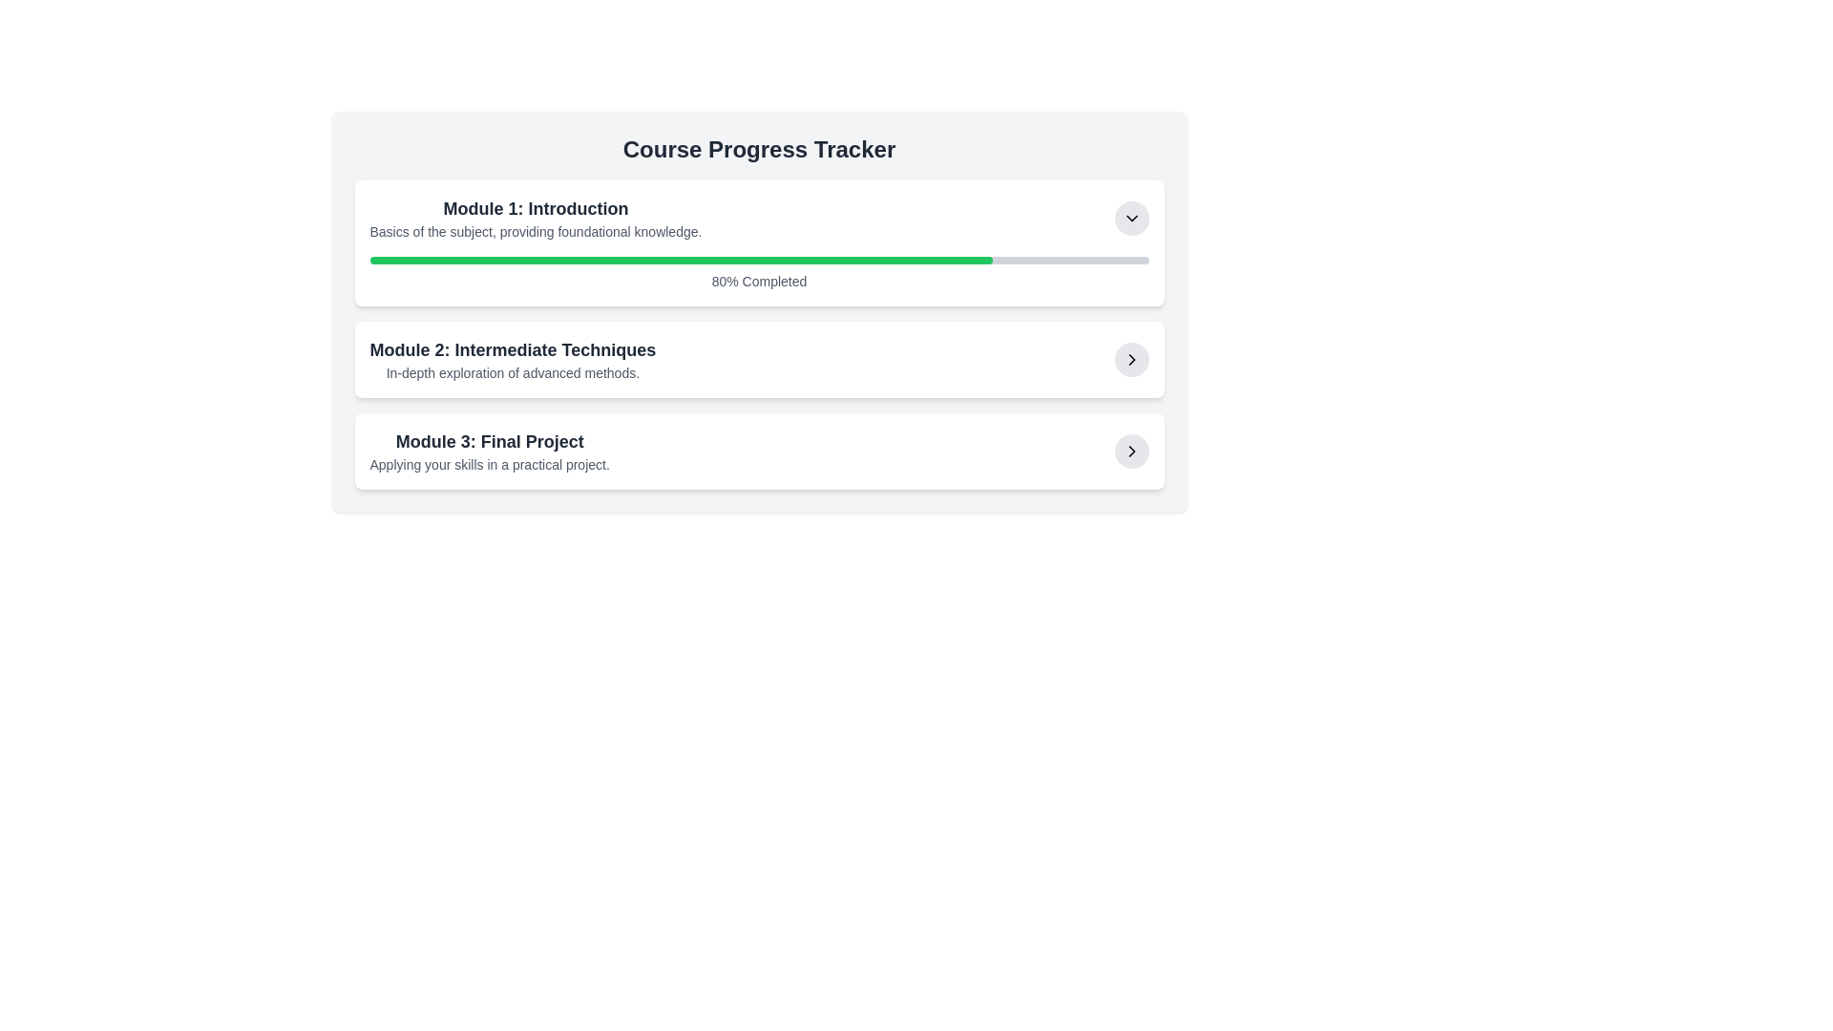 The height and width of the screenshot is (1031, 1833). What do you see at coordinates (758, 360) in the screenshot?
I see `the second informational card in the course progress tracker for accessibility actions` at bounding box center [758, 360].